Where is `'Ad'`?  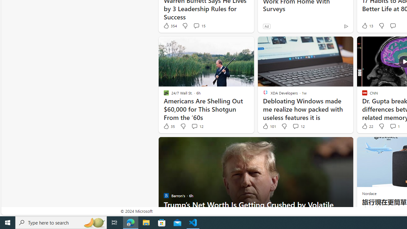
'Ad' is located at coordinates (266, 26).